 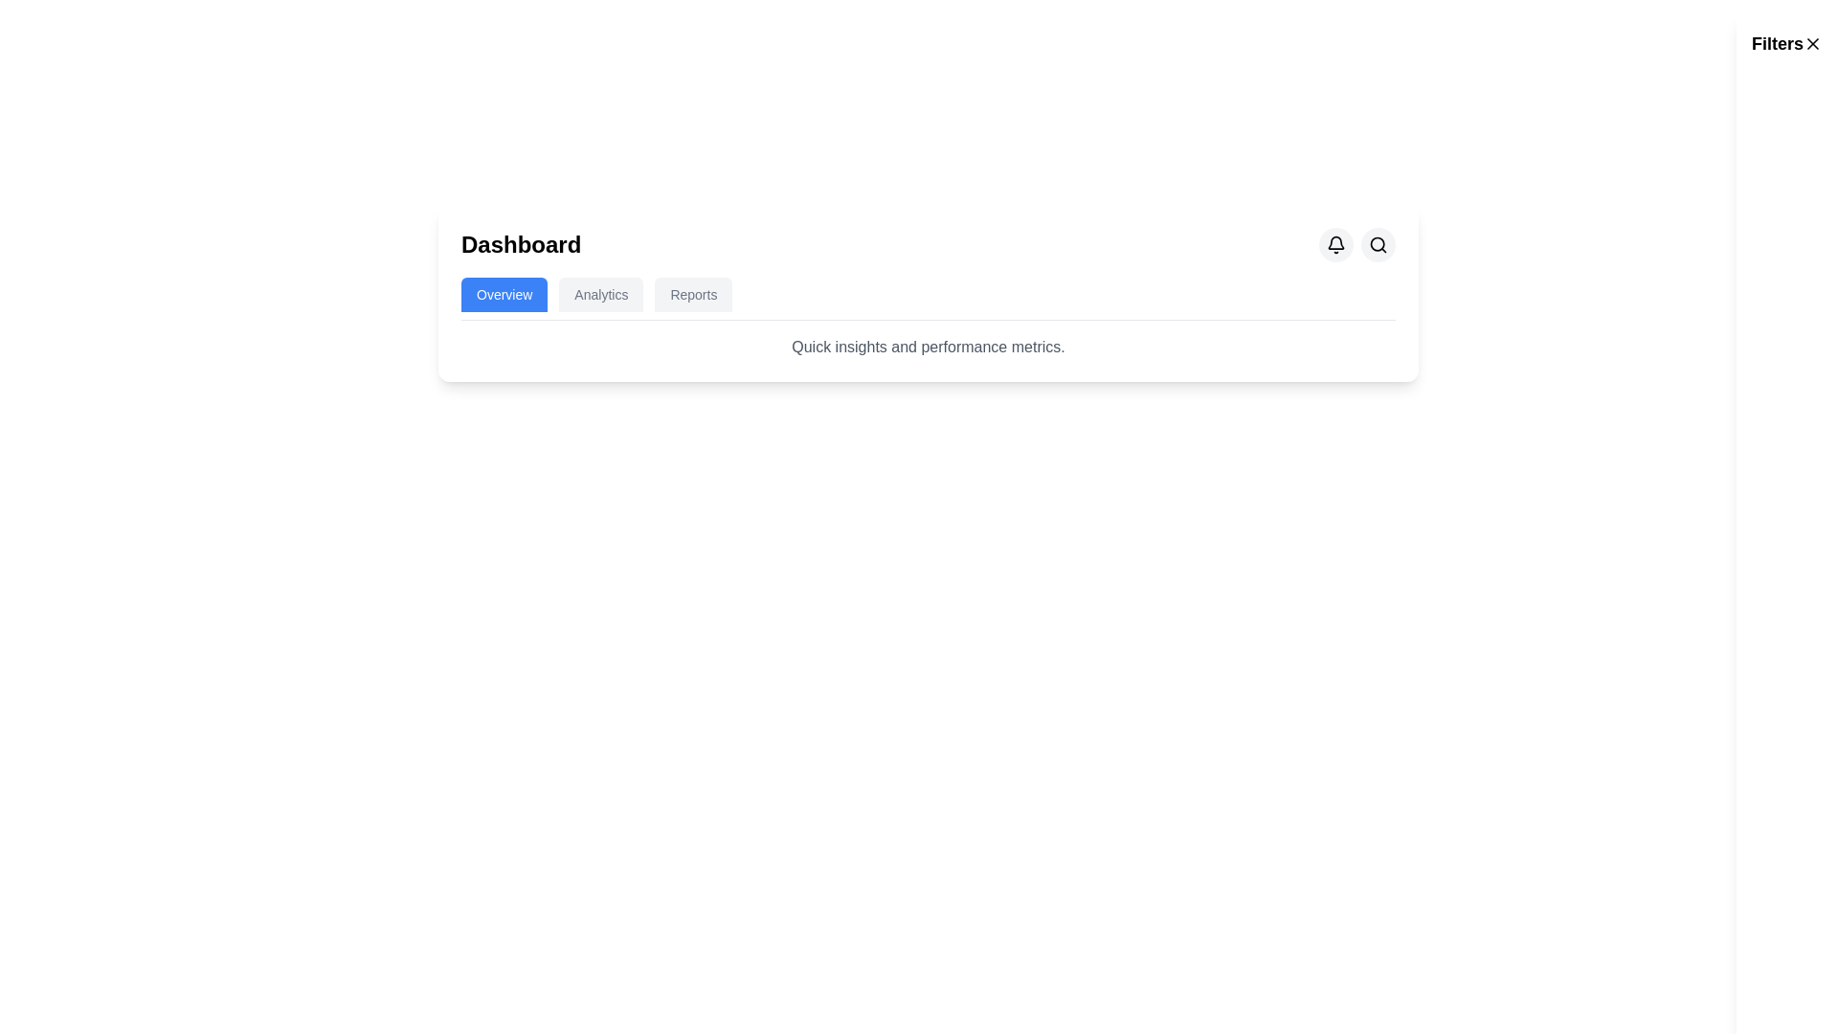 What do you see at coordinates (1378, 243) in the screenshot?
I see `the magnifying glass icon in the top-right corner of the main dashboard interface` at bounding box center [1378, 243].